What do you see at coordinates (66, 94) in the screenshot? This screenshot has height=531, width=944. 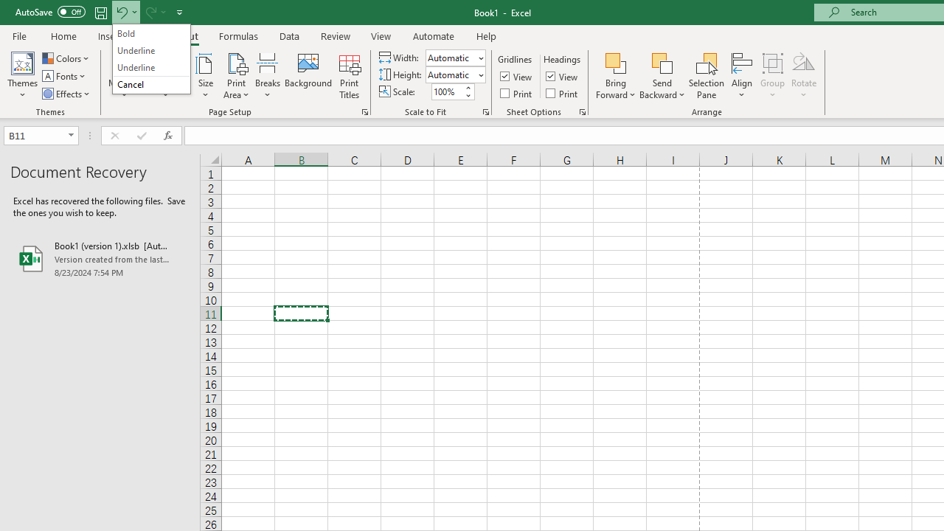 I see `'Effects'` at bounding box center [66, 94].